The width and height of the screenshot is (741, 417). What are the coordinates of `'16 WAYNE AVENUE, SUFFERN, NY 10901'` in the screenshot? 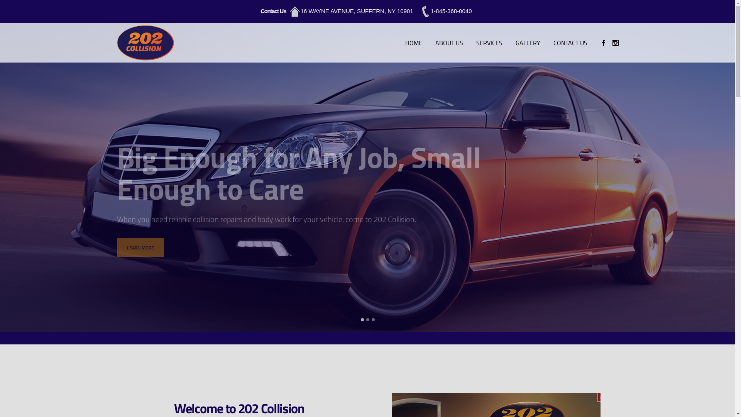 It's located at (351, 11).